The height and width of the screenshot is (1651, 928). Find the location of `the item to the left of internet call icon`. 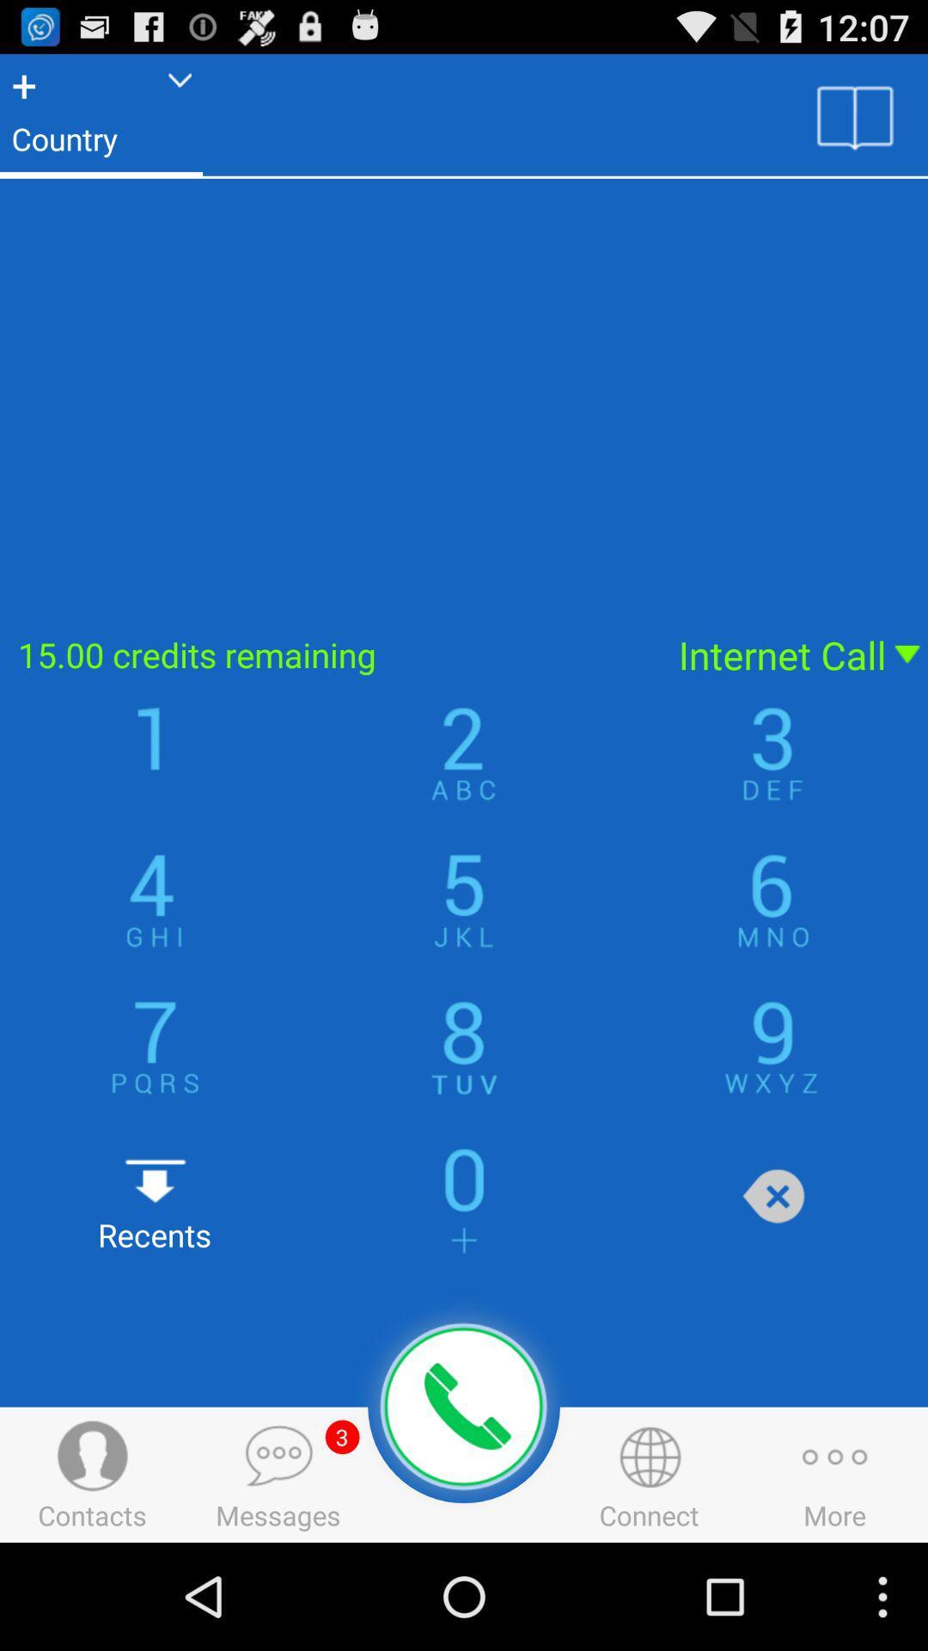

the item to the left of internet call icon is located at coordinates (328, 654).